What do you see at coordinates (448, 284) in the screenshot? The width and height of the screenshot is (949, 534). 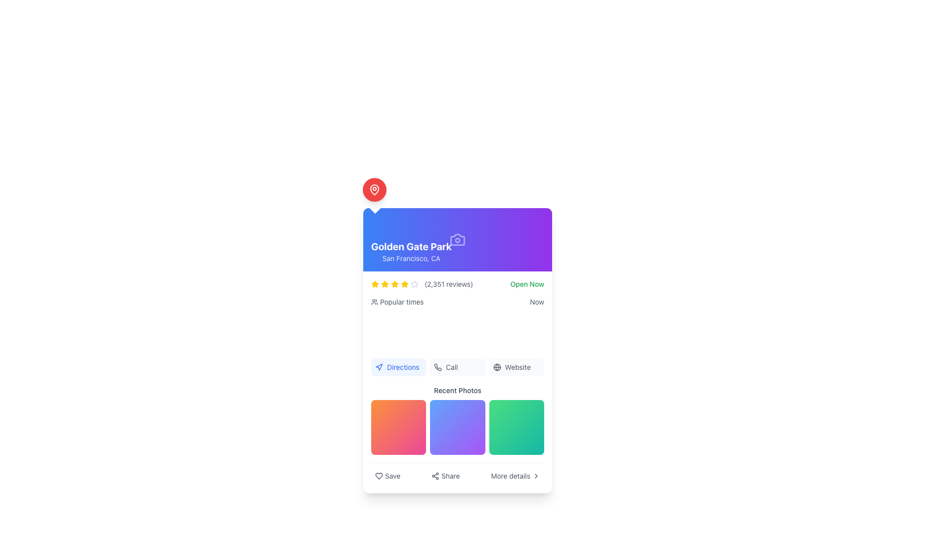 I see `the text label '(2,351 reviews)' that provides additional information about user reviews, located to the right of the gold rating stars in the 'Golden Gate Park' panel` at bounding box center [448, 284].